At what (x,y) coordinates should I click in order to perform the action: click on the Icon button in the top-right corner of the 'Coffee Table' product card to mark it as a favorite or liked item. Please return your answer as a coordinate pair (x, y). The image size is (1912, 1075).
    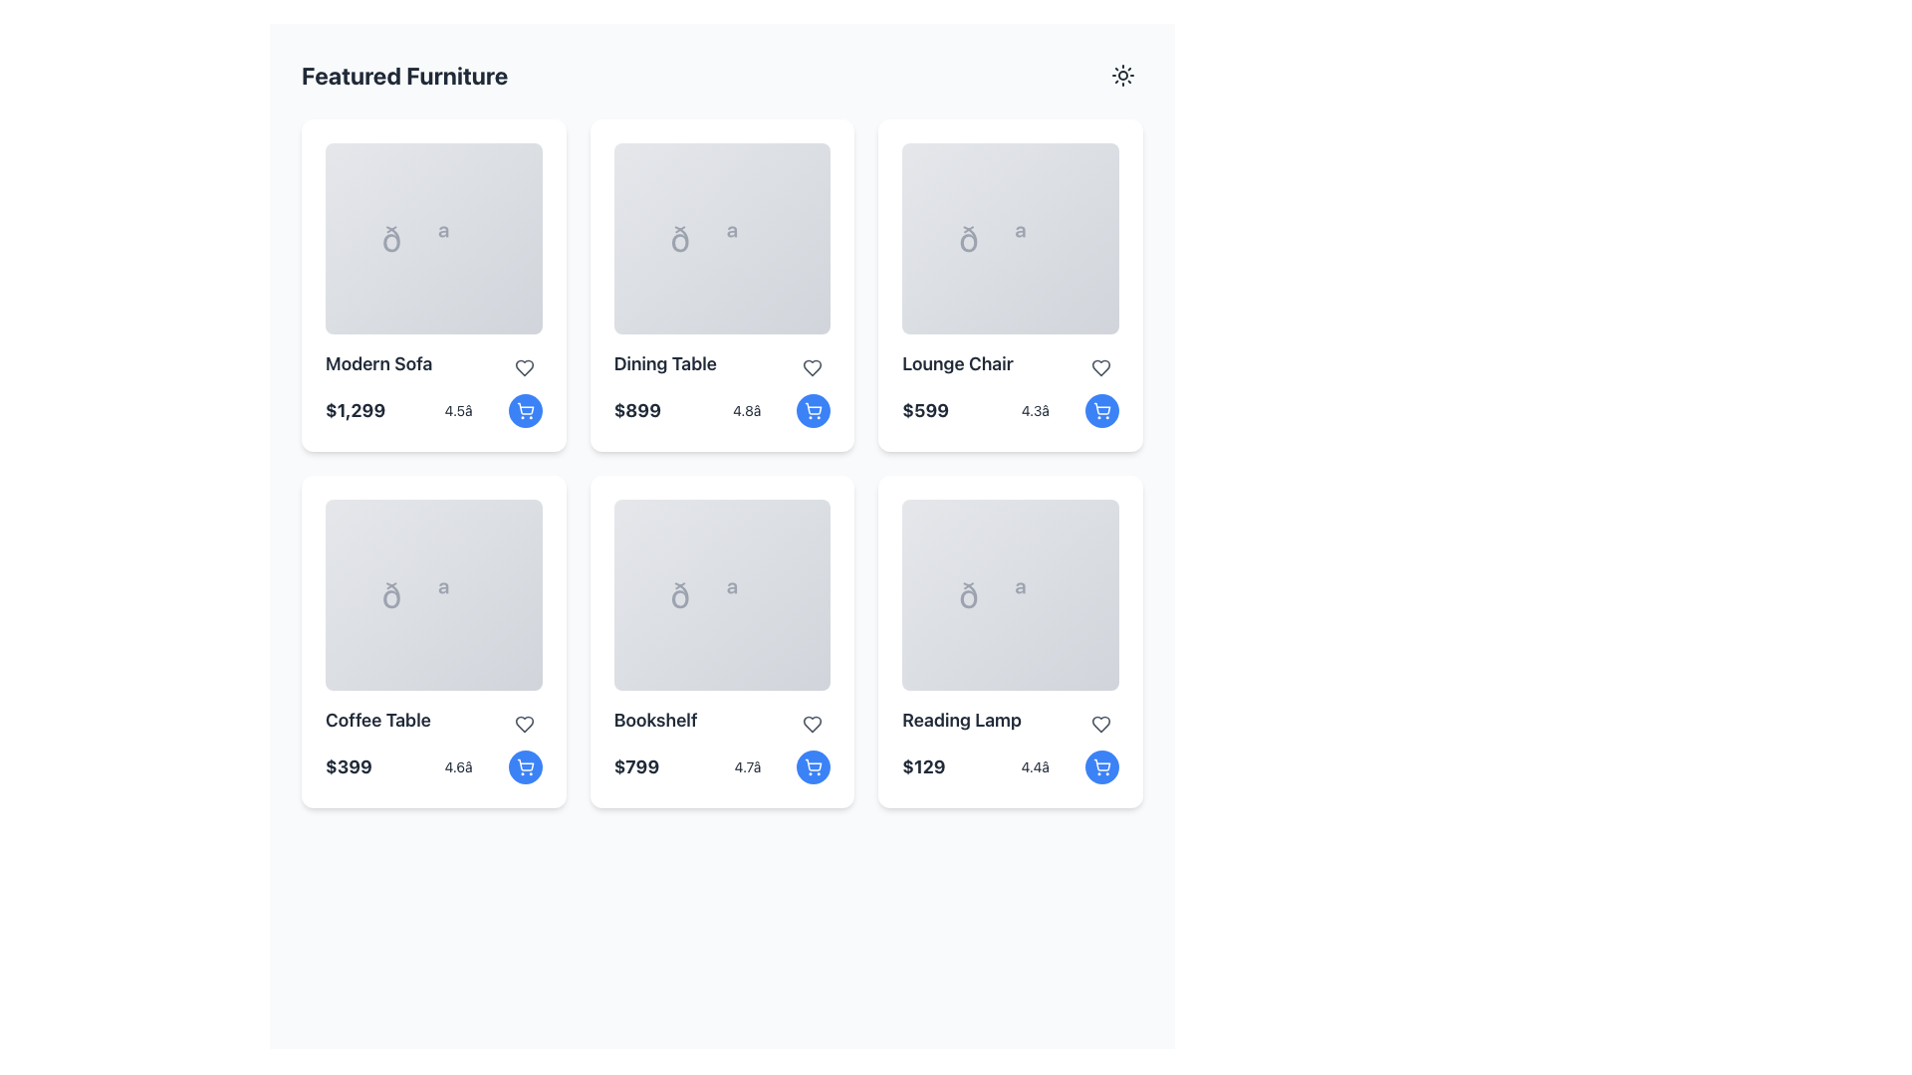
    Looking at the image, I should click on (524, 725).